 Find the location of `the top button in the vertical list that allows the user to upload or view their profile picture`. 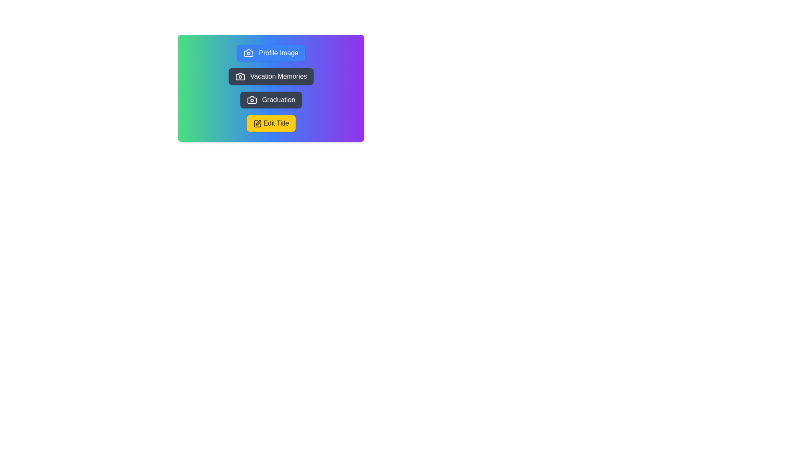

the top button in the vertical list that allows the user to upload or view their profile picture is located at coordinates (271, 53).